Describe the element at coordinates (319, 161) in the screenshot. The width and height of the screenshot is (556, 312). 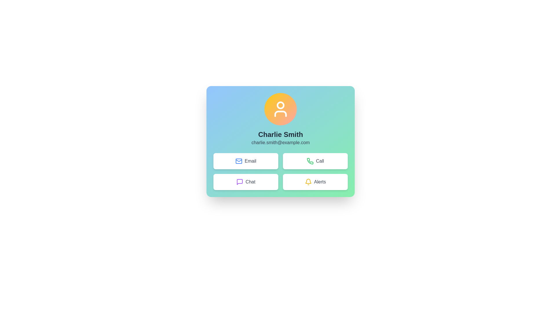
I see `text label that describes the 'Call' action, positioned to the right of the green phone icon in the top-right quadrant of the button grid` at that location.